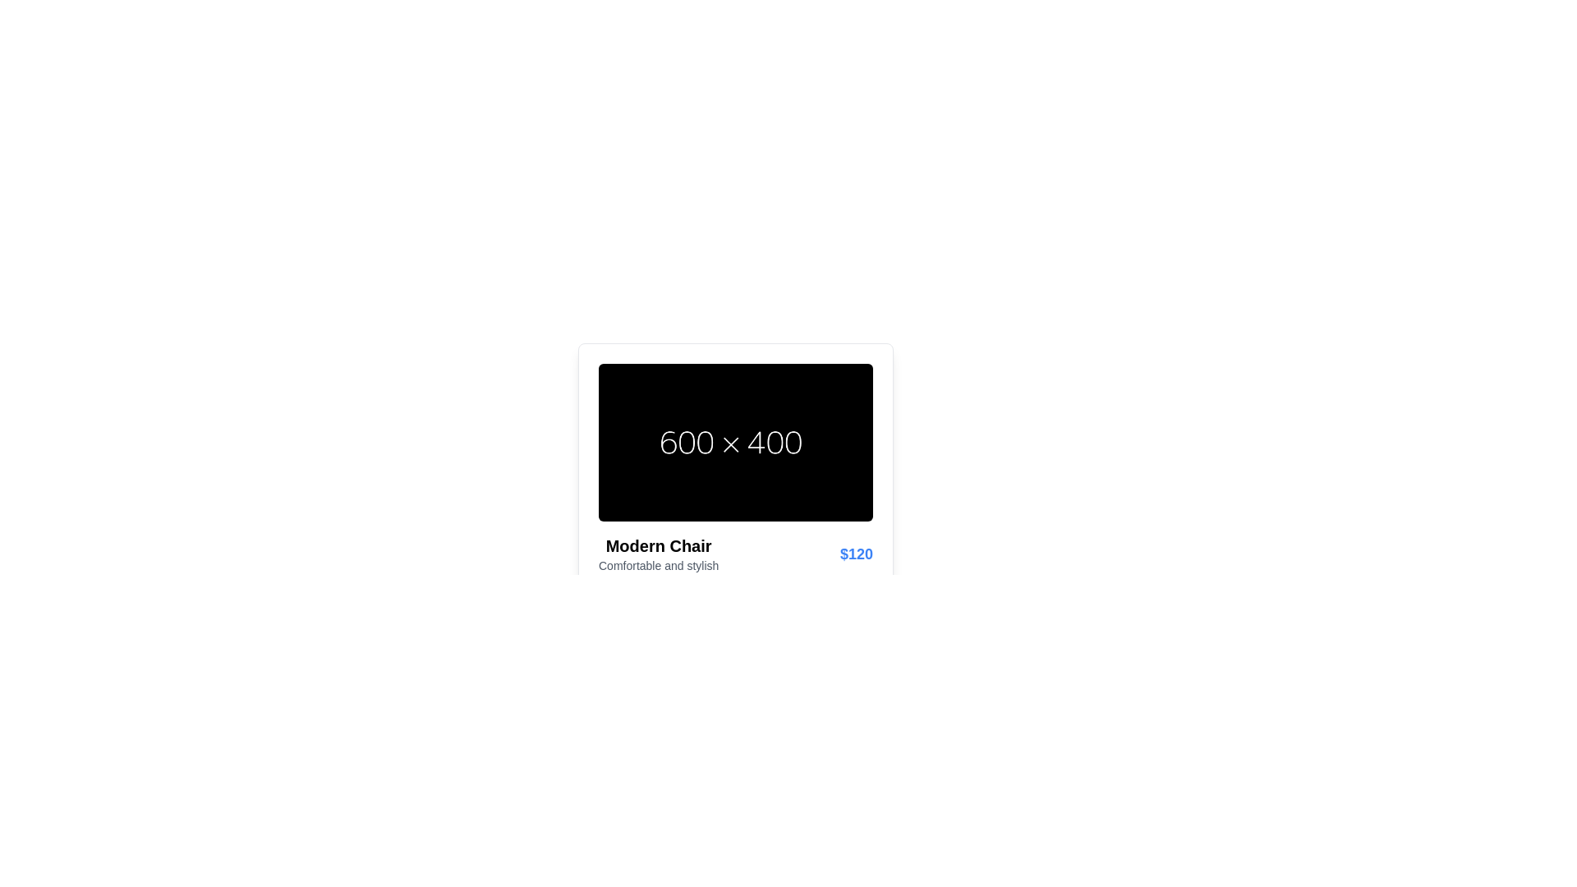  I want to click on text label identifying the product as 'Modern Chair', located in the bottom-left corner of the card above the description 'Comfortable and stylish', so click(659, 545).